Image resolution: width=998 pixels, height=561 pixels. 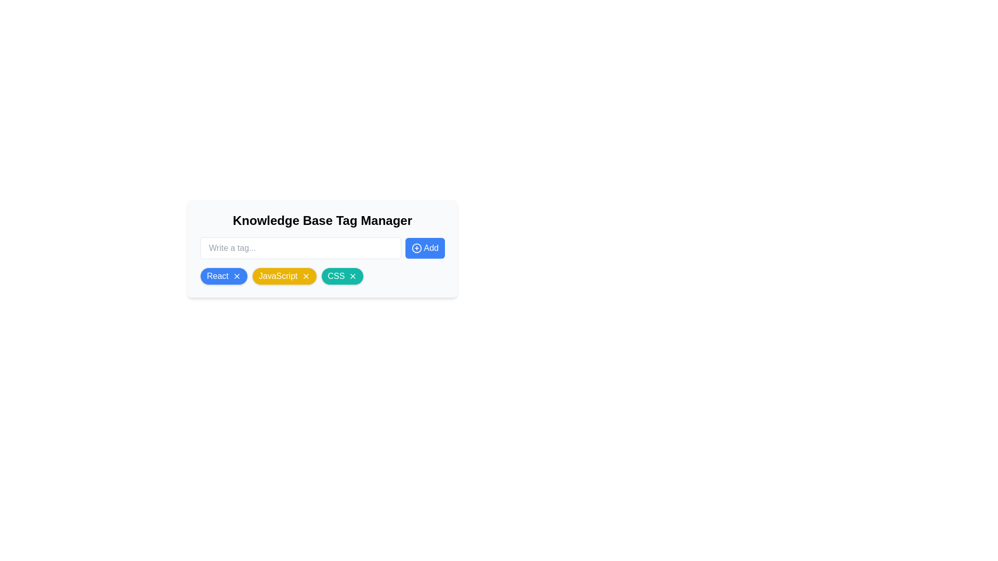 What do you see at coordinates (322, 276) in the screenshot?
I see `the 'x' icon of the tag group composed of 'React', 'JavaScript', and 'CSS' tags` at bounding box center [322, 276].